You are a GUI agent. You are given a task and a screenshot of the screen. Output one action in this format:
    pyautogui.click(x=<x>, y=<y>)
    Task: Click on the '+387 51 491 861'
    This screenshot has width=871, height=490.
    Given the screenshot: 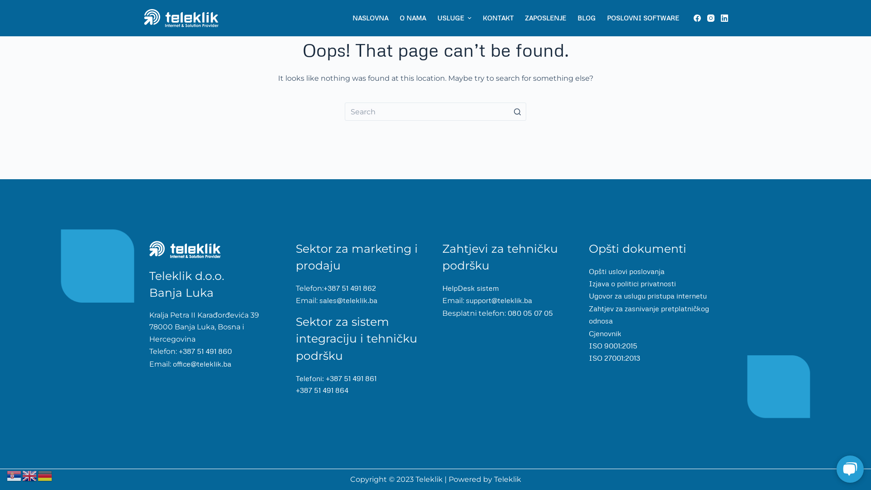 What is the action you would take?
    pyautogui.click(x=350, y=378)
    